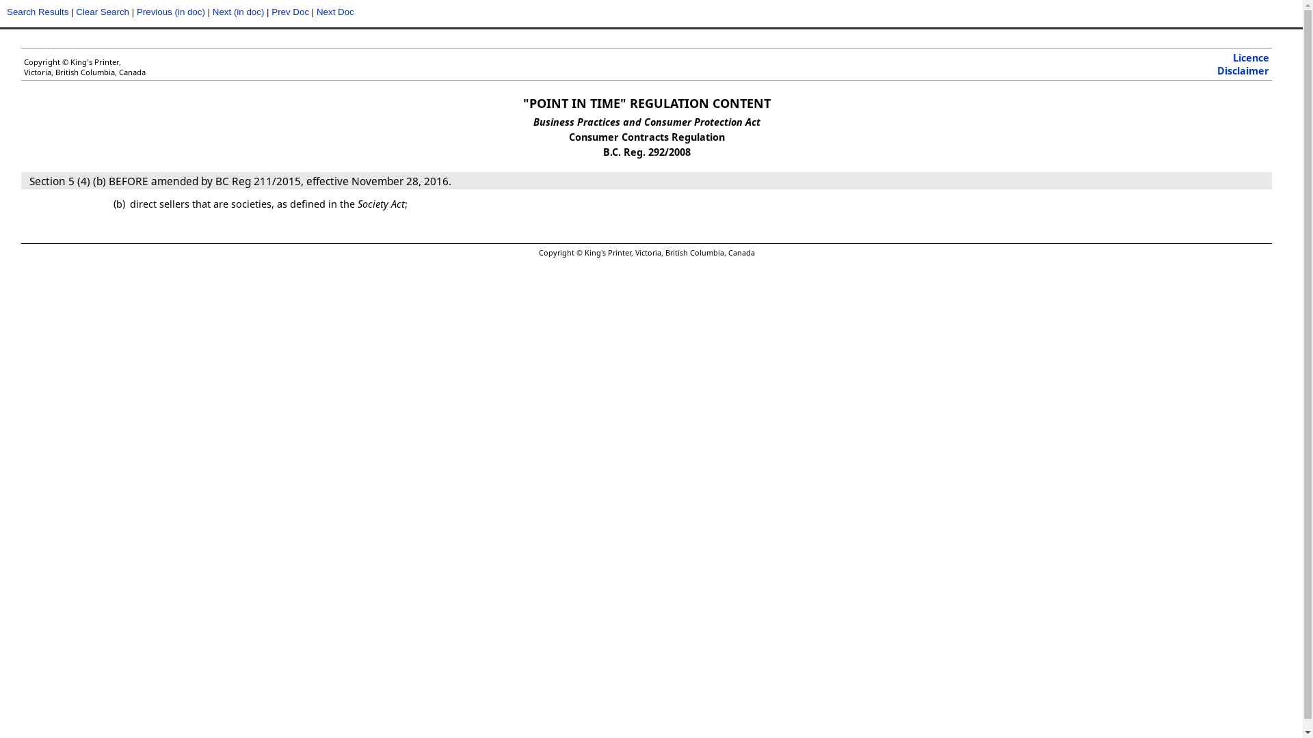  I want to click on 'Licence', so click(1251, 57).